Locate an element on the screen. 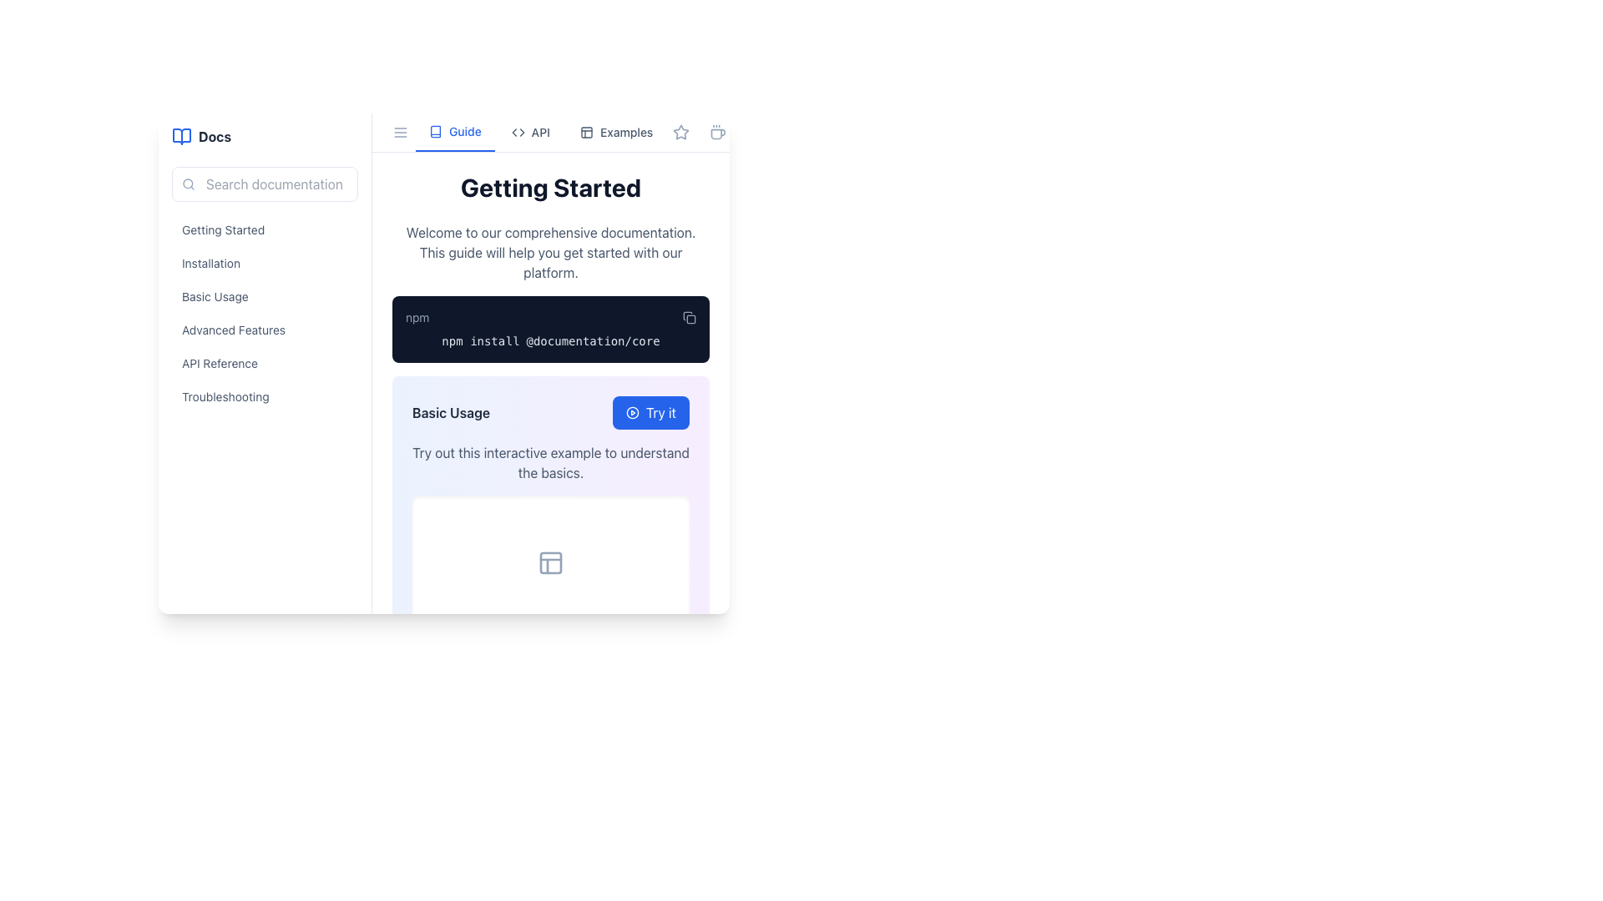 The image size is (1603, 901). the menu icon located in the top navigation bar, just to the left of the 'Guide' tab is located at coordinates (401, 131).